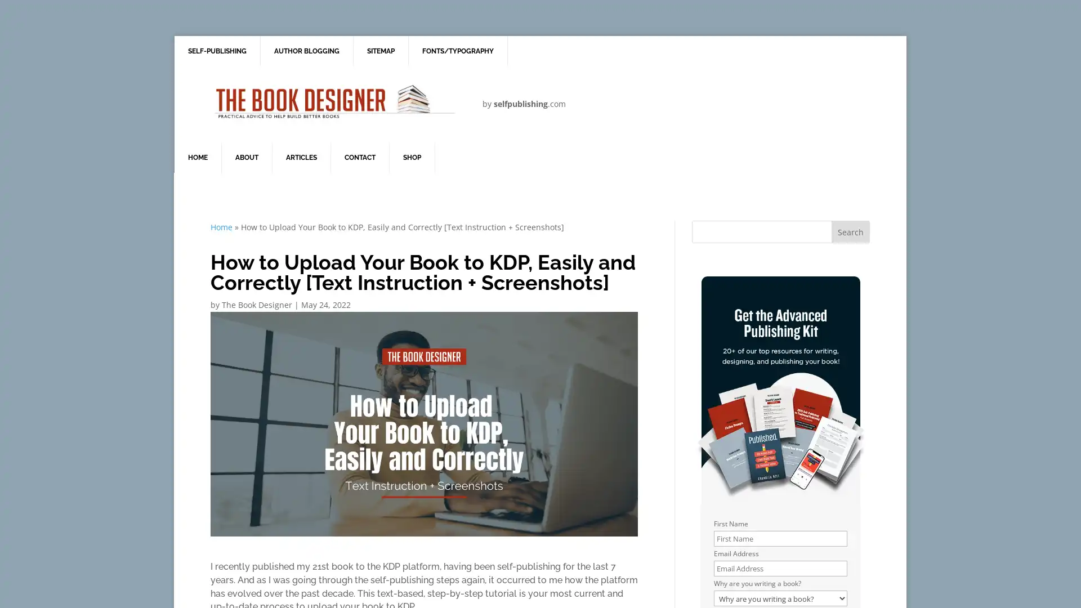 The height and width of the screenshot is (608, 1081). Describe the element at coordinates (850, 231) in the screenshot. I see `Search` at that location.